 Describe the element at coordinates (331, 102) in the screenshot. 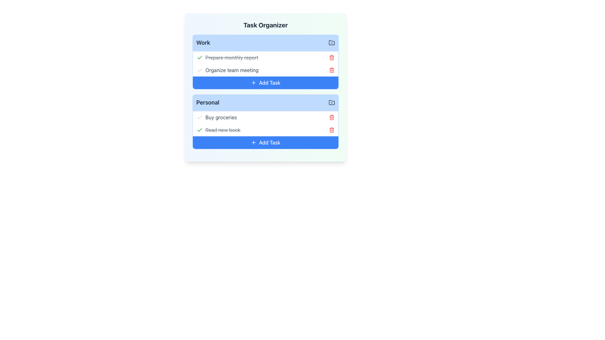

I see `the small gray folder icon with a minus symbol inside it located at the upper-right corner of the 'Personal' section's header` at that location.